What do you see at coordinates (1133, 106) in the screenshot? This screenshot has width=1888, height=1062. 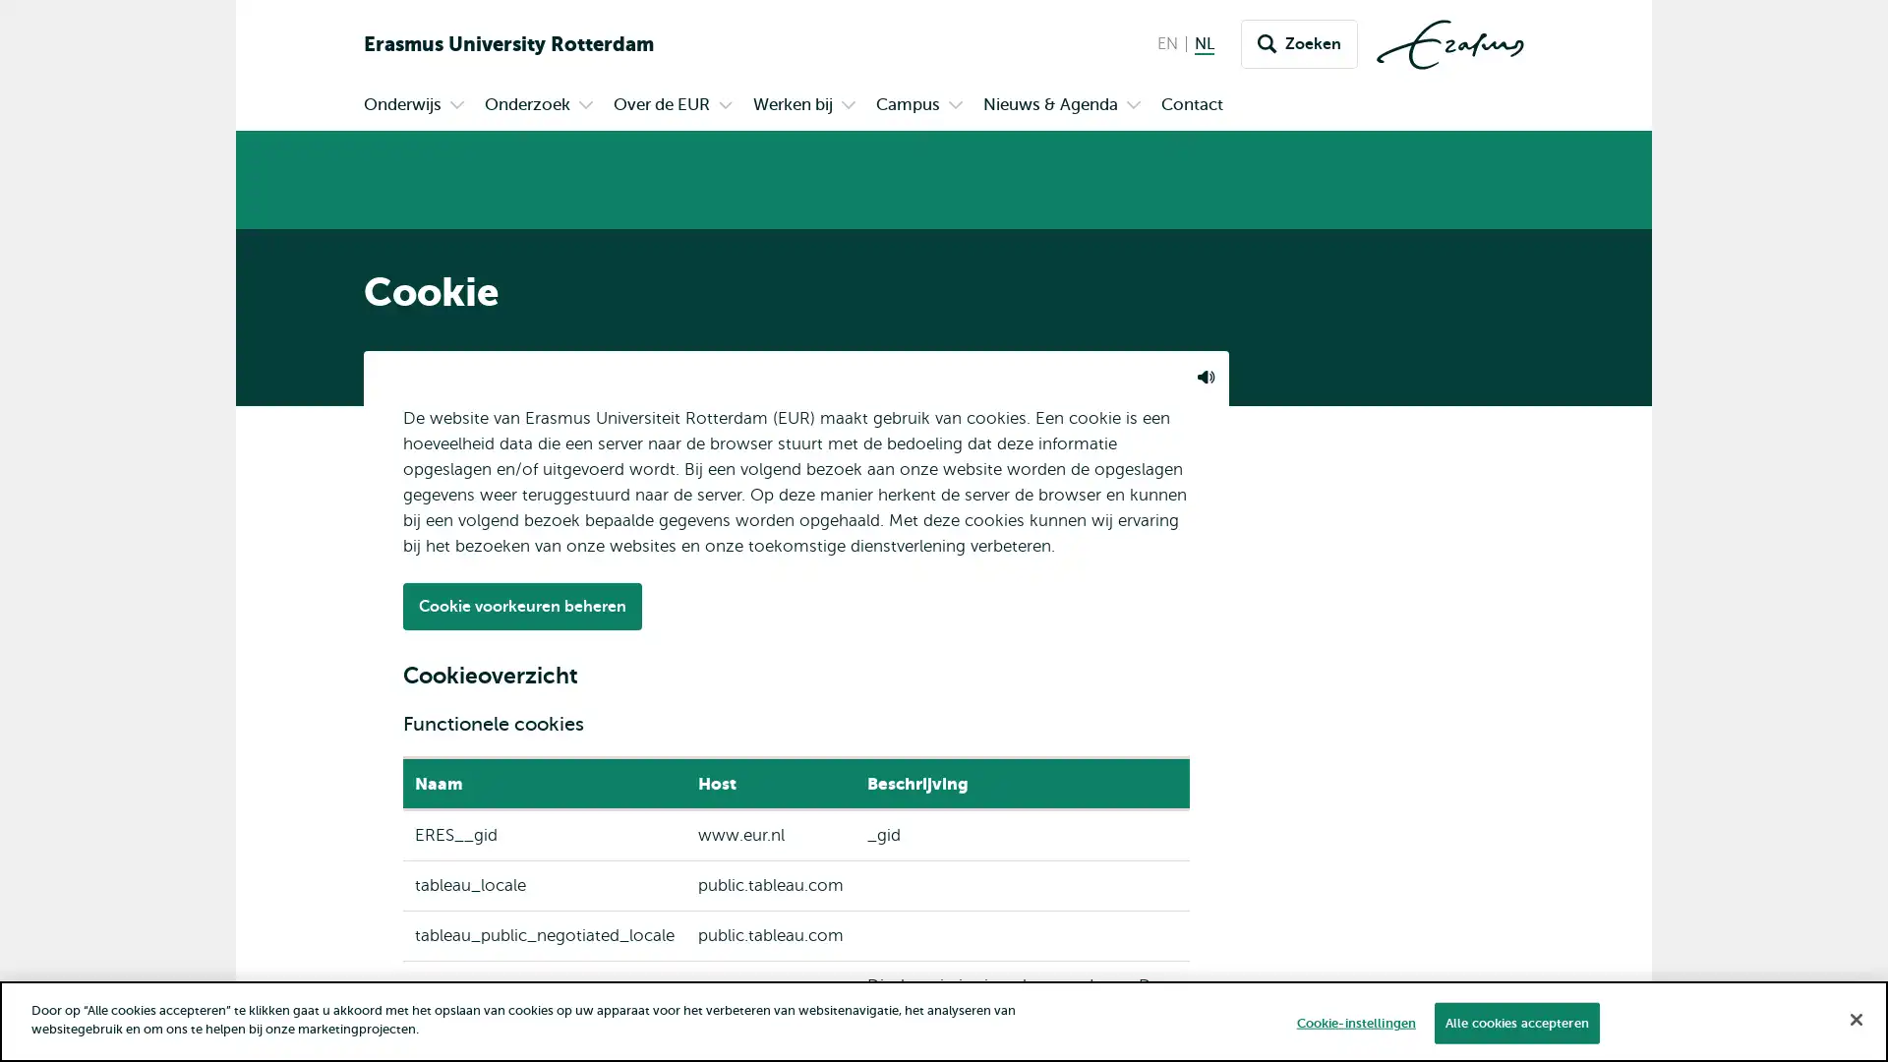 I see `Open submenu` at bounding box center [1133, 106].